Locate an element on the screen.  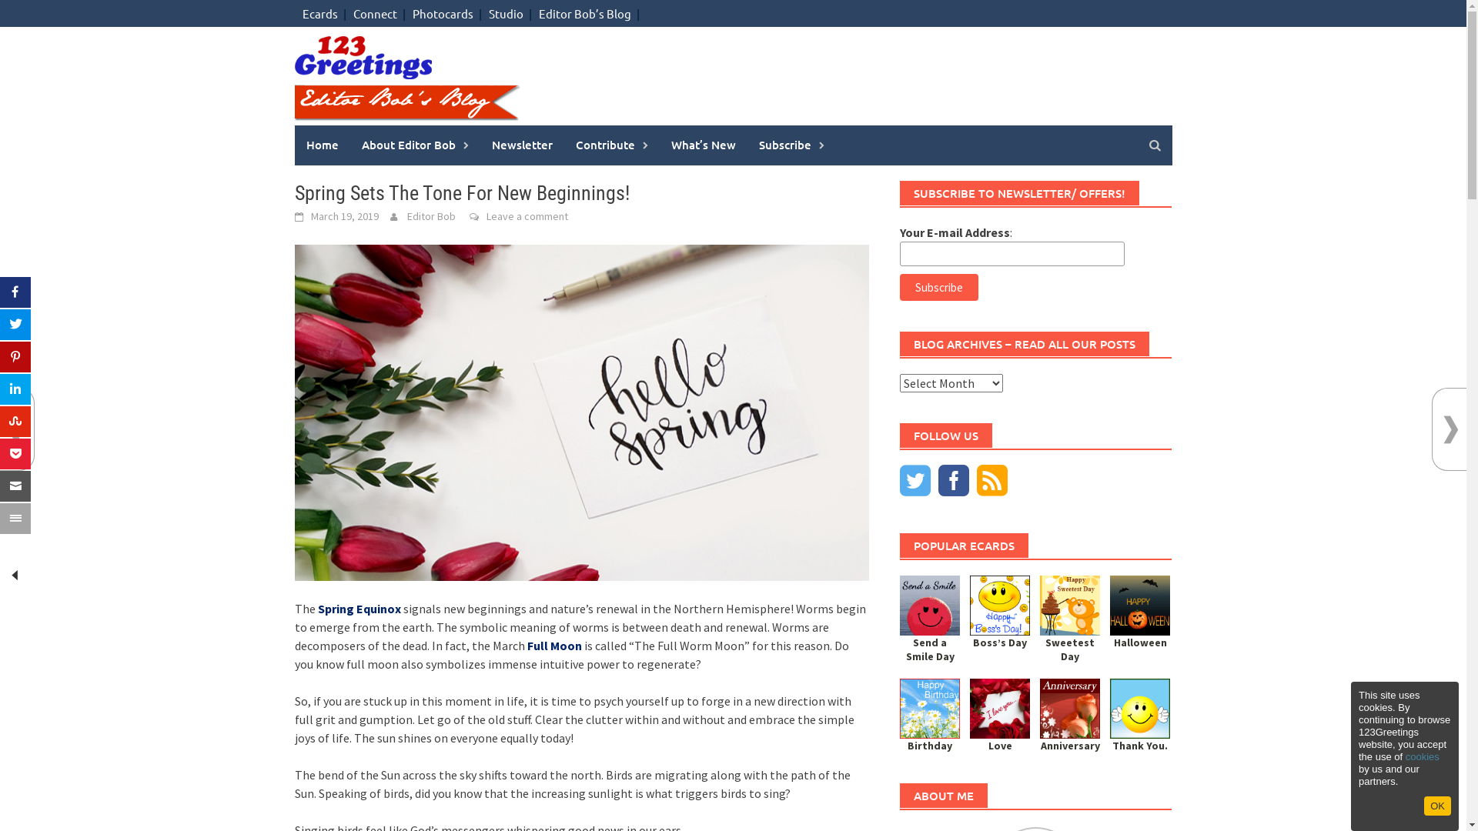
'Cute Wish On Sweetest Day!' is located at coordinates (1069, 604).